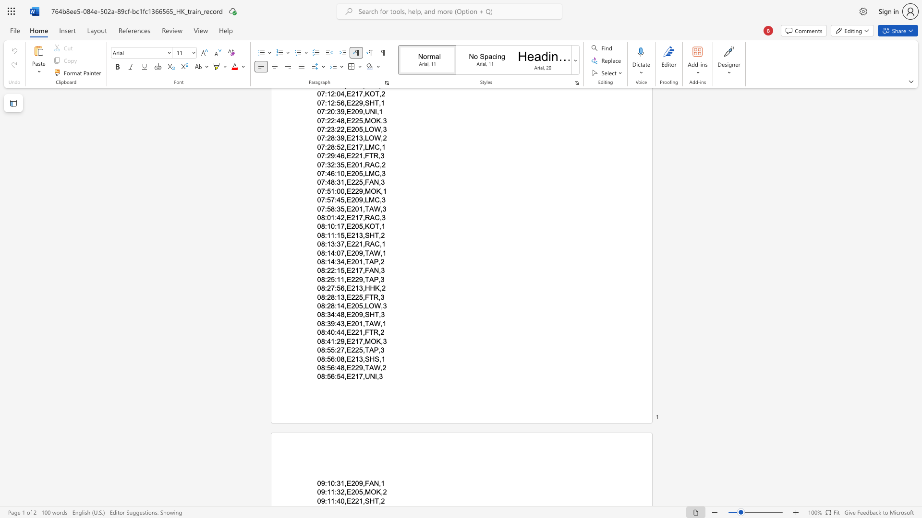 This screenshot has width=922, height=518. I want to click on the space between the continuous character "4" and "8" in the text, so click(340, 367).